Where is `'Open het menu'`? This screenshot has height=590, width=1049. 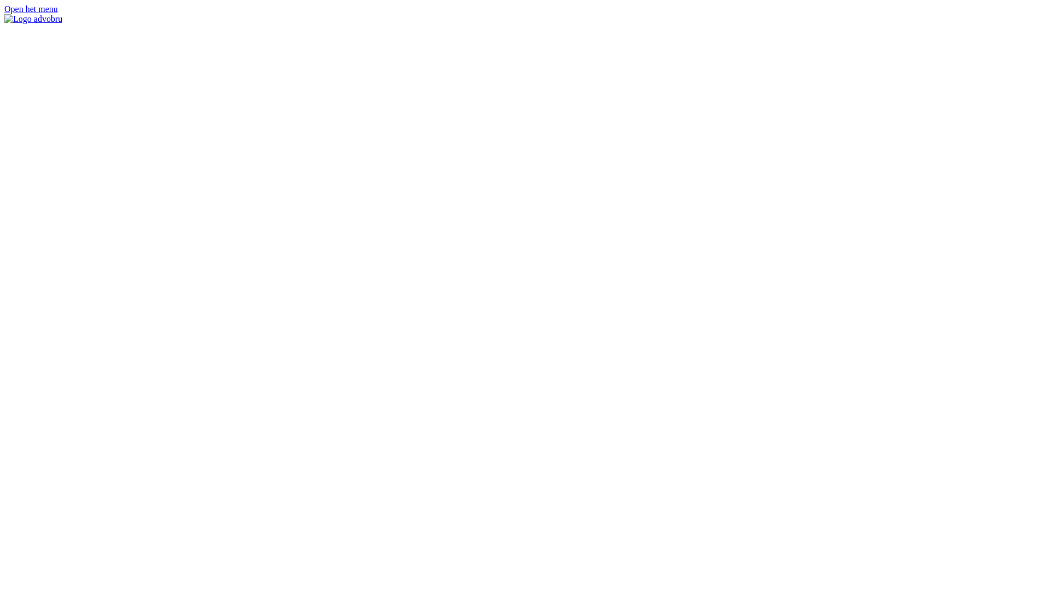 'Open het menu' is located at coordinates (31, 9).